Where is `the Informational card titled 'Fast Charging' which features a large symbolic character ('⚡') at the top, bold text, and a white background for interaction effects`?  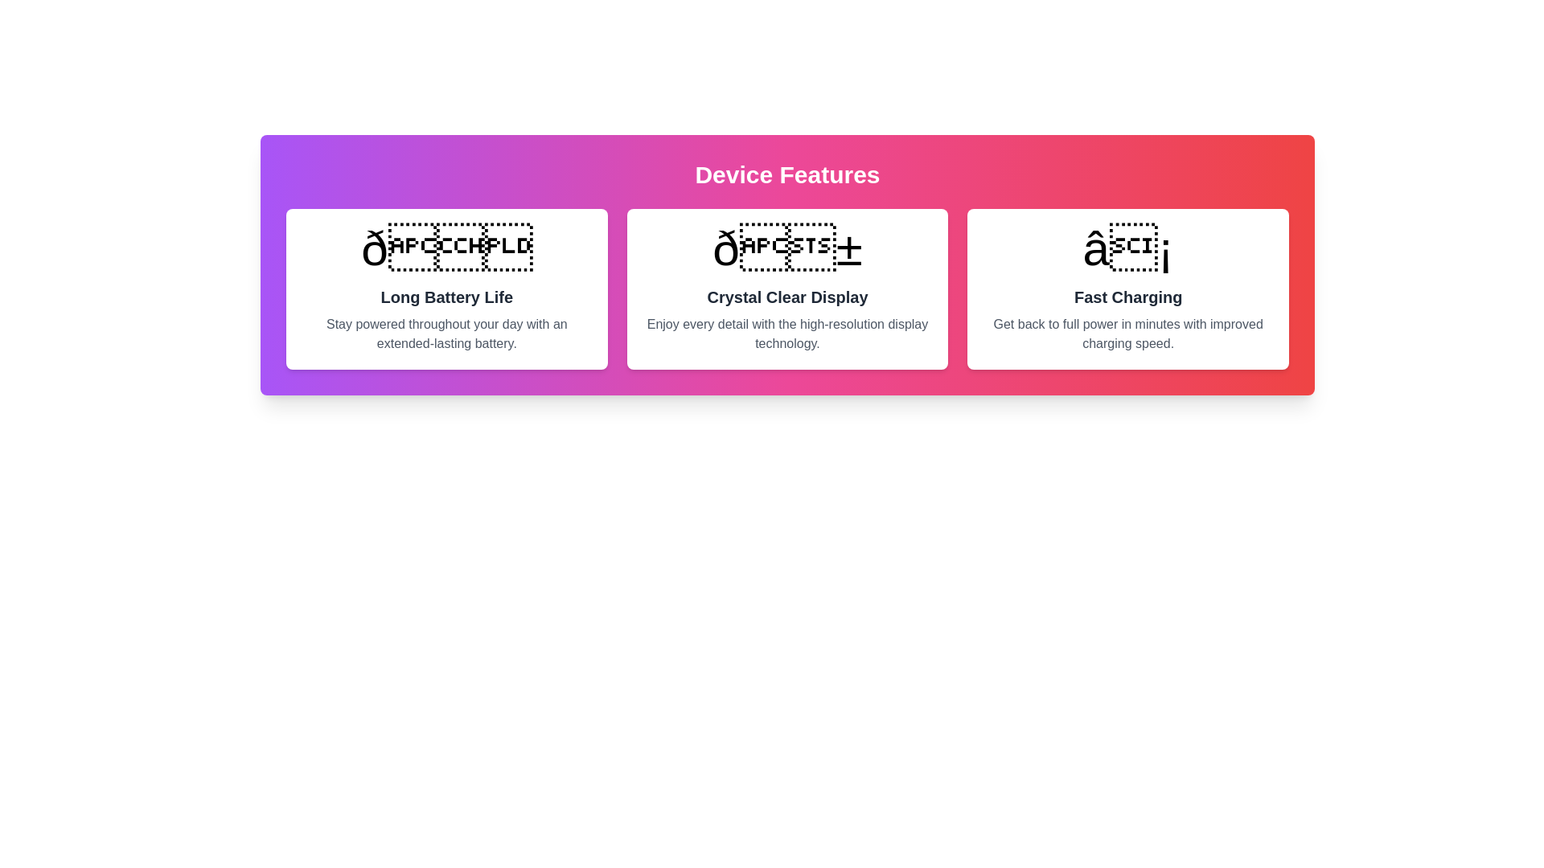
the Informational card titled 'Fast Charging' which features a large symbolic character ('⚡') at the top, bold text, and a white background for interaction effects is located at coordinates (1127, 288).